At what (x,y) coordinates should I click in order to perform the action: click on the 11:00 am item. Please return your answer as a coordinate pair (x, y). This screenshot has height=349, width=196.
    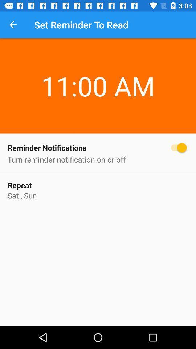
    Looking at the image, I should click on (98, 72).